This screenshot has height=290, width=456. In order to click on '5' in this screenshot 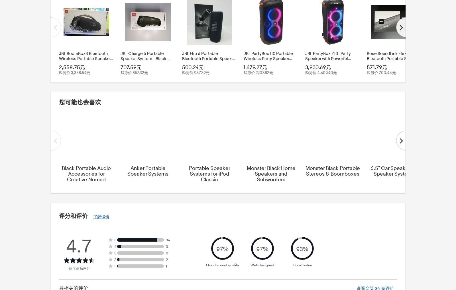, I will do `click(115, 240)`.